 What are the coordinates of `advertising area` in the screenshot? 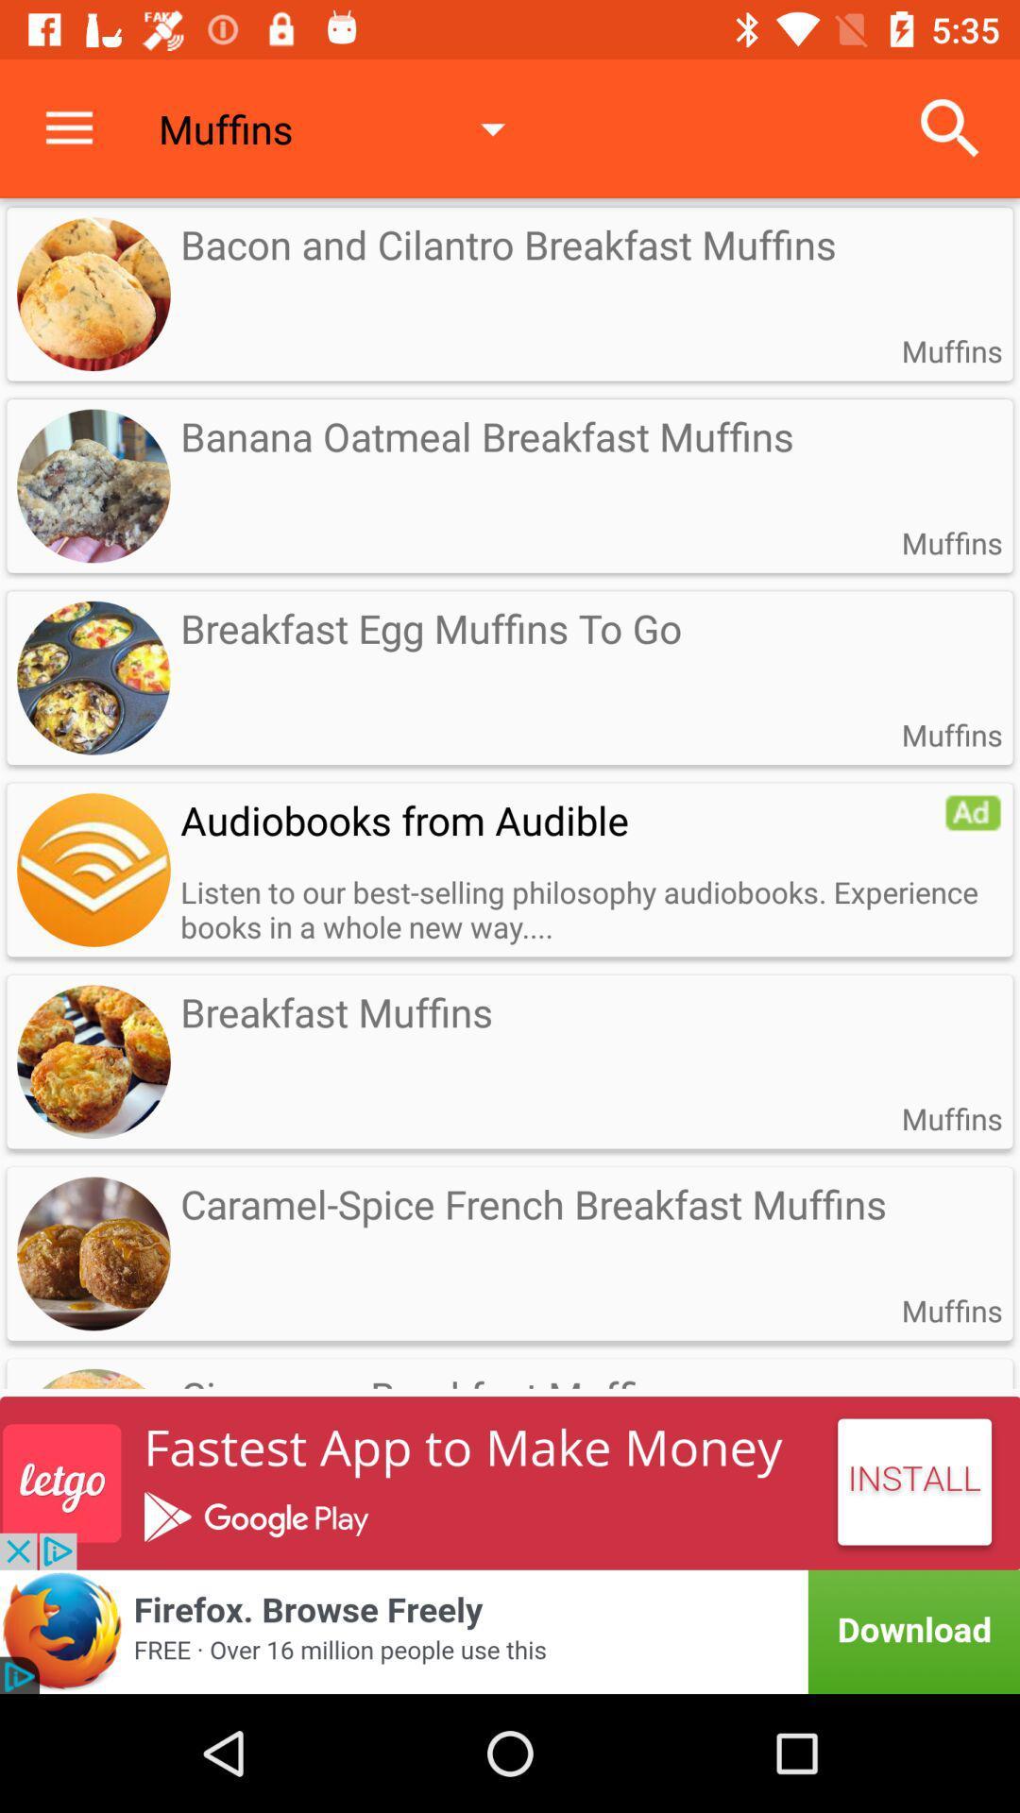 It's located at (510, 1631).